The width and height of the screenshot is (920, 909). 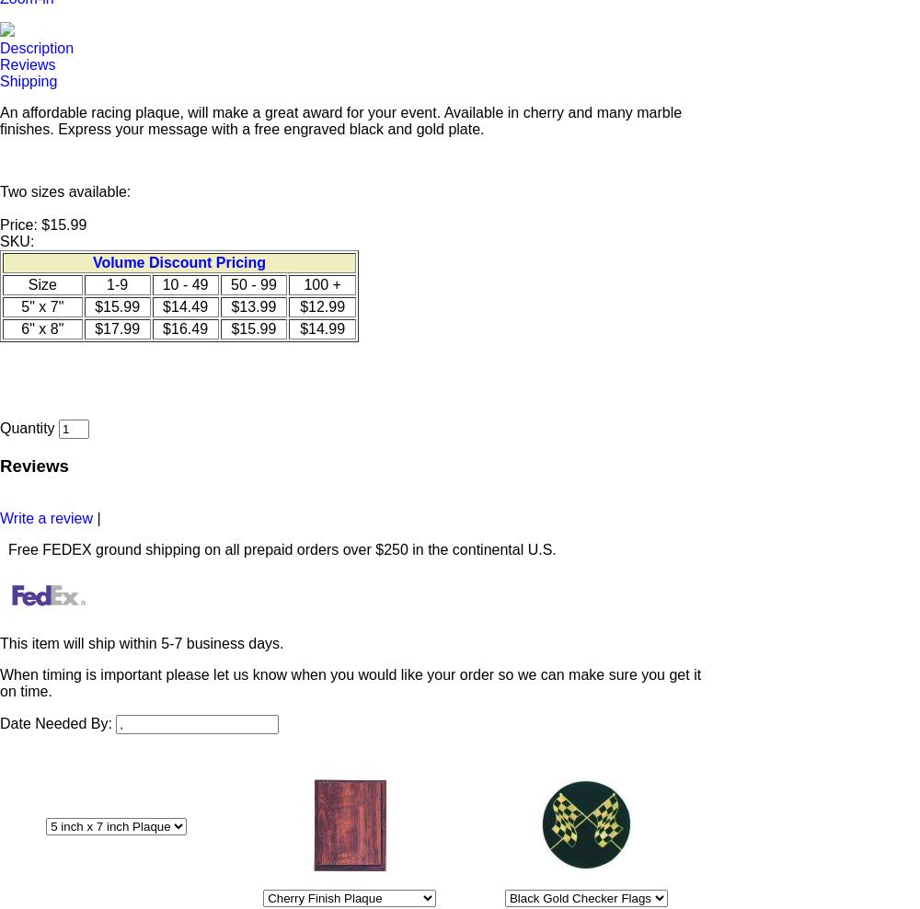 What do you see at coordinates (57, 721) in the screenshot?
I see `'Date Needed By:'` at bounding box center [57, 721].